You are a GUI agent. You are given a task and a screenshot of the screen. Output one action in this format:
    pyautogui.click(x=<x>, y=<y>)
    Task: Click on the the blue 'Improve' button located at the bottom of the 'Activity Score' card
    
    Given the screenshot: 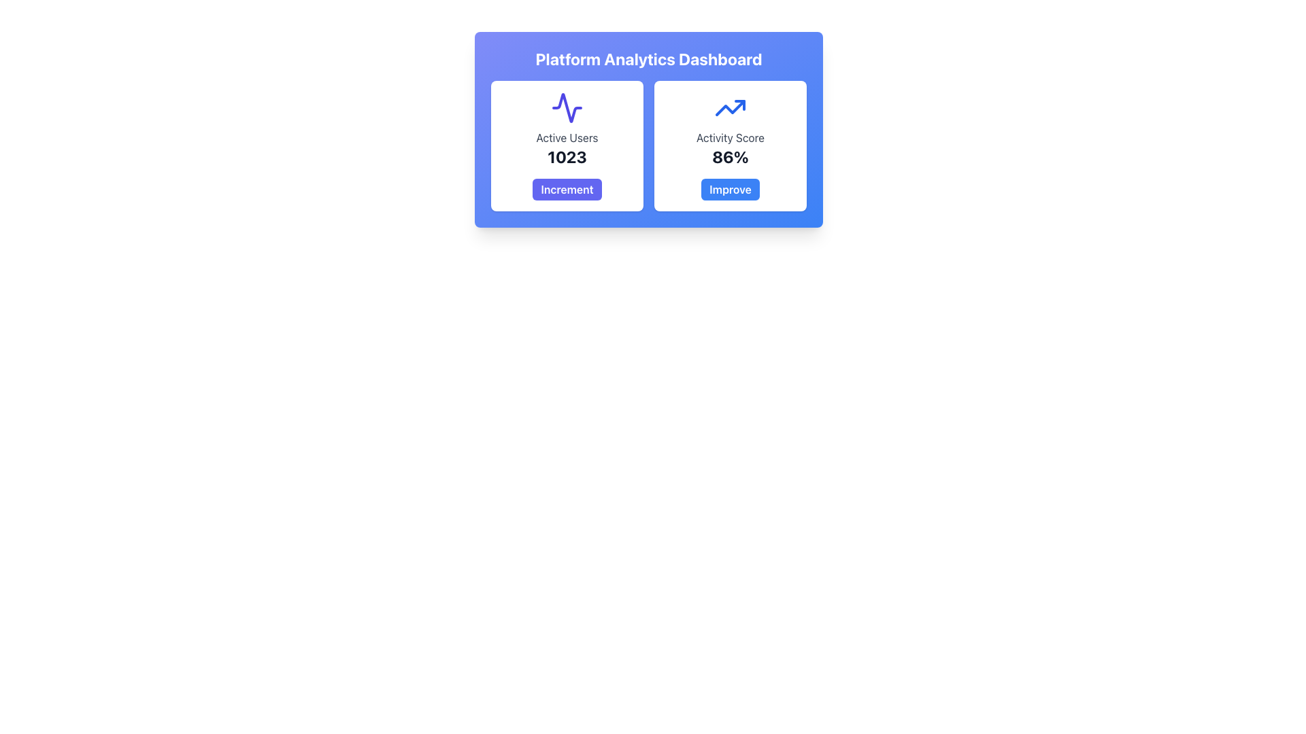 What is the action you would take?
    pyautogui.click(x=730, y=189)
    